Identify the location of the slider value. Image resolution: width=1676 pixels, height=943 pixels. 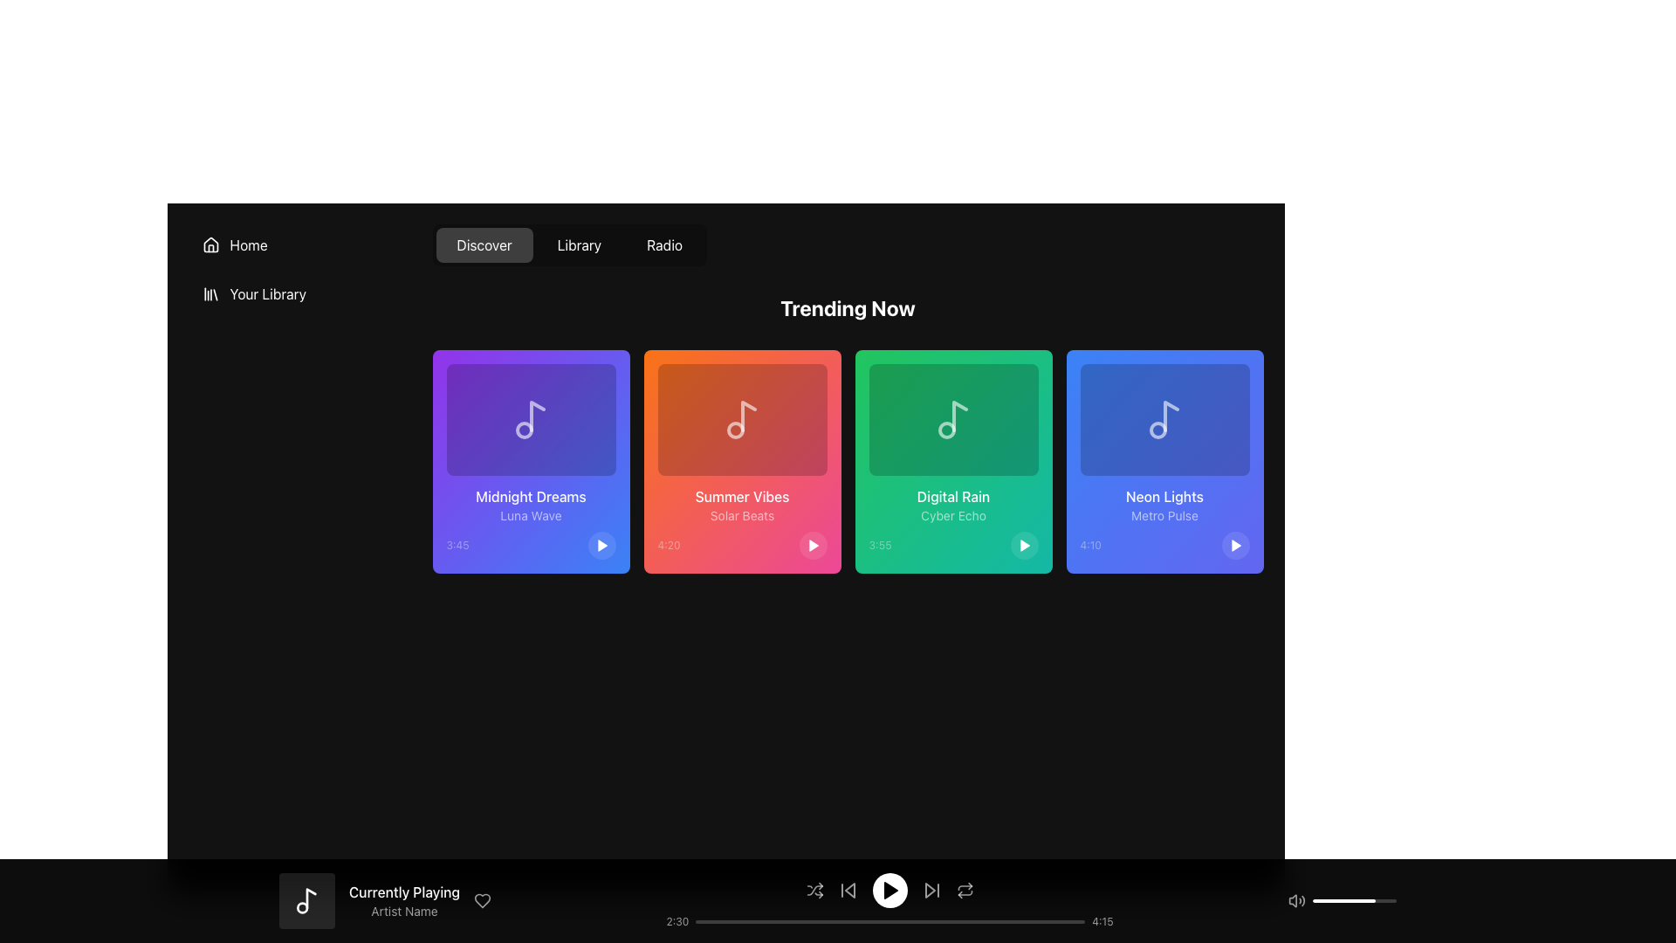
(1369, 901).